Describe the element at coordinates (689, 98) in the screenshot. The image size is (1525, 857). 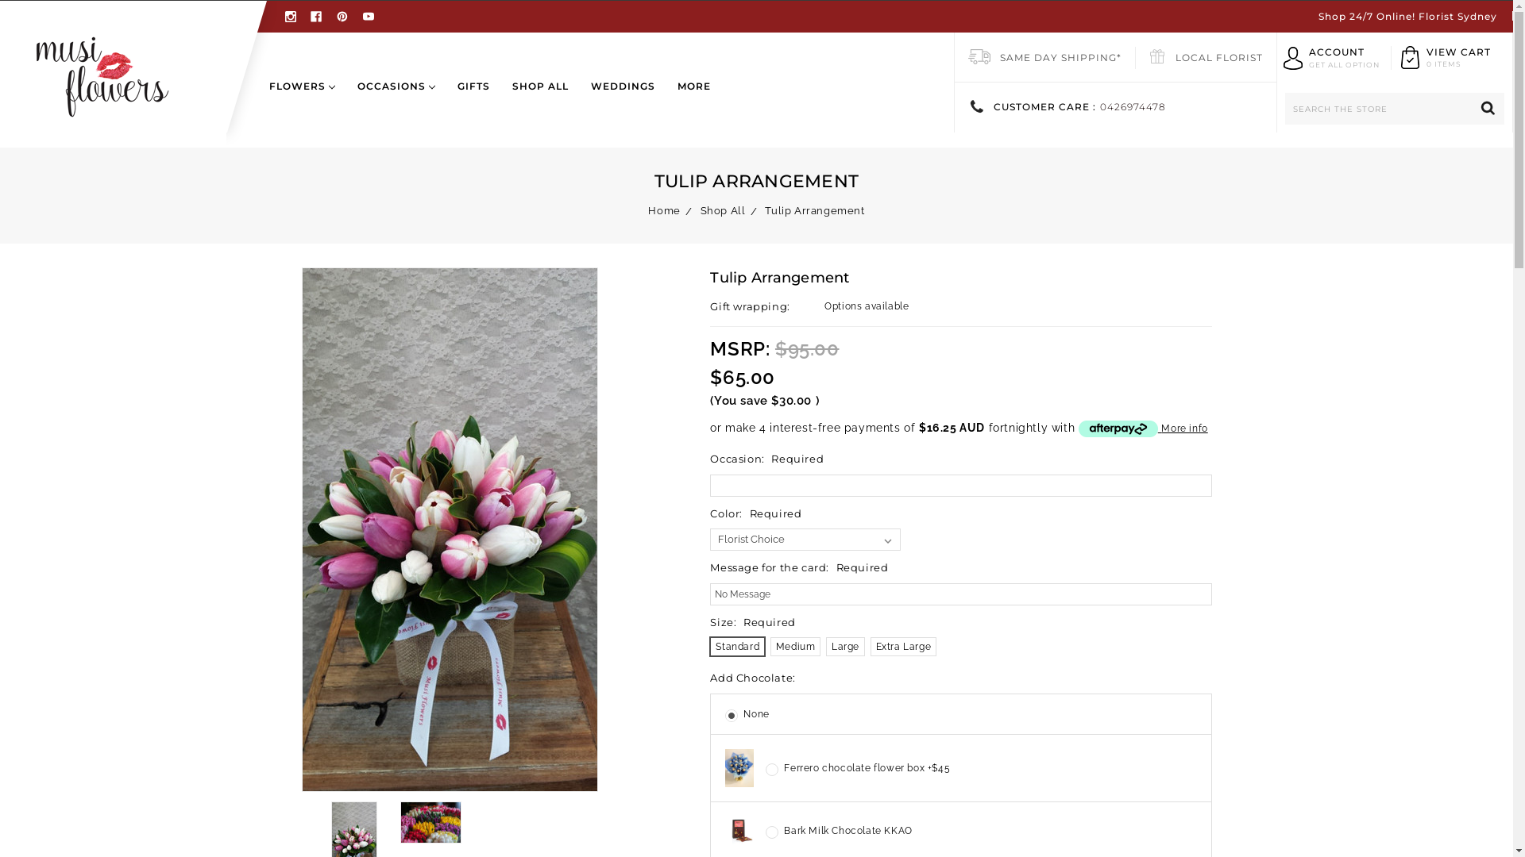
I see `'MORE'` at that location.